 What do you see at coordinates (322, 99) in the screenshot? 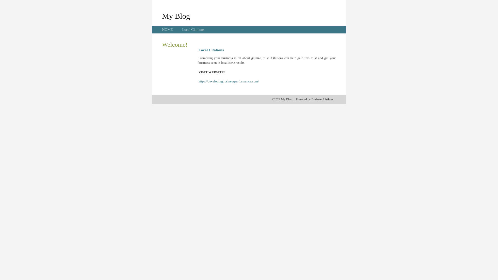
I see `'Business Listings'` at bounding box center [322, 99].